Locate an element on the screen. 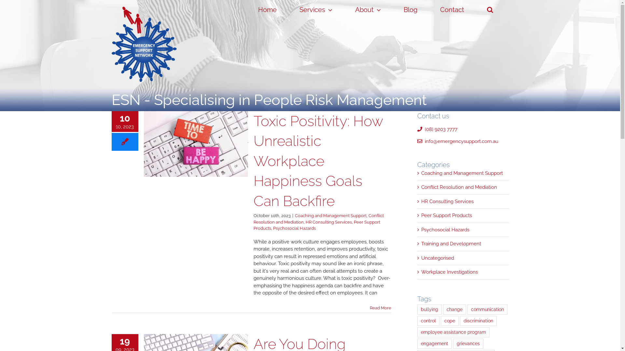 This screenshot has width=625, height=351. 'Coaching and Management Support' is located at coordinates (331, 215).